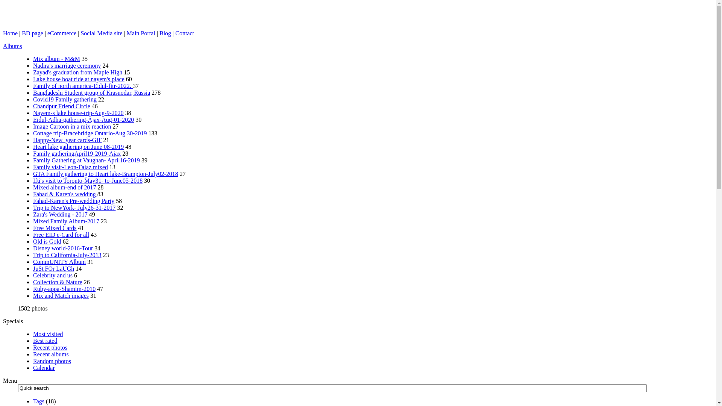 The height and width of the screenshot is (406, 722). Describe the element at coordinates (165, 33) in the screenshot. I see `'Blog'` at that location.